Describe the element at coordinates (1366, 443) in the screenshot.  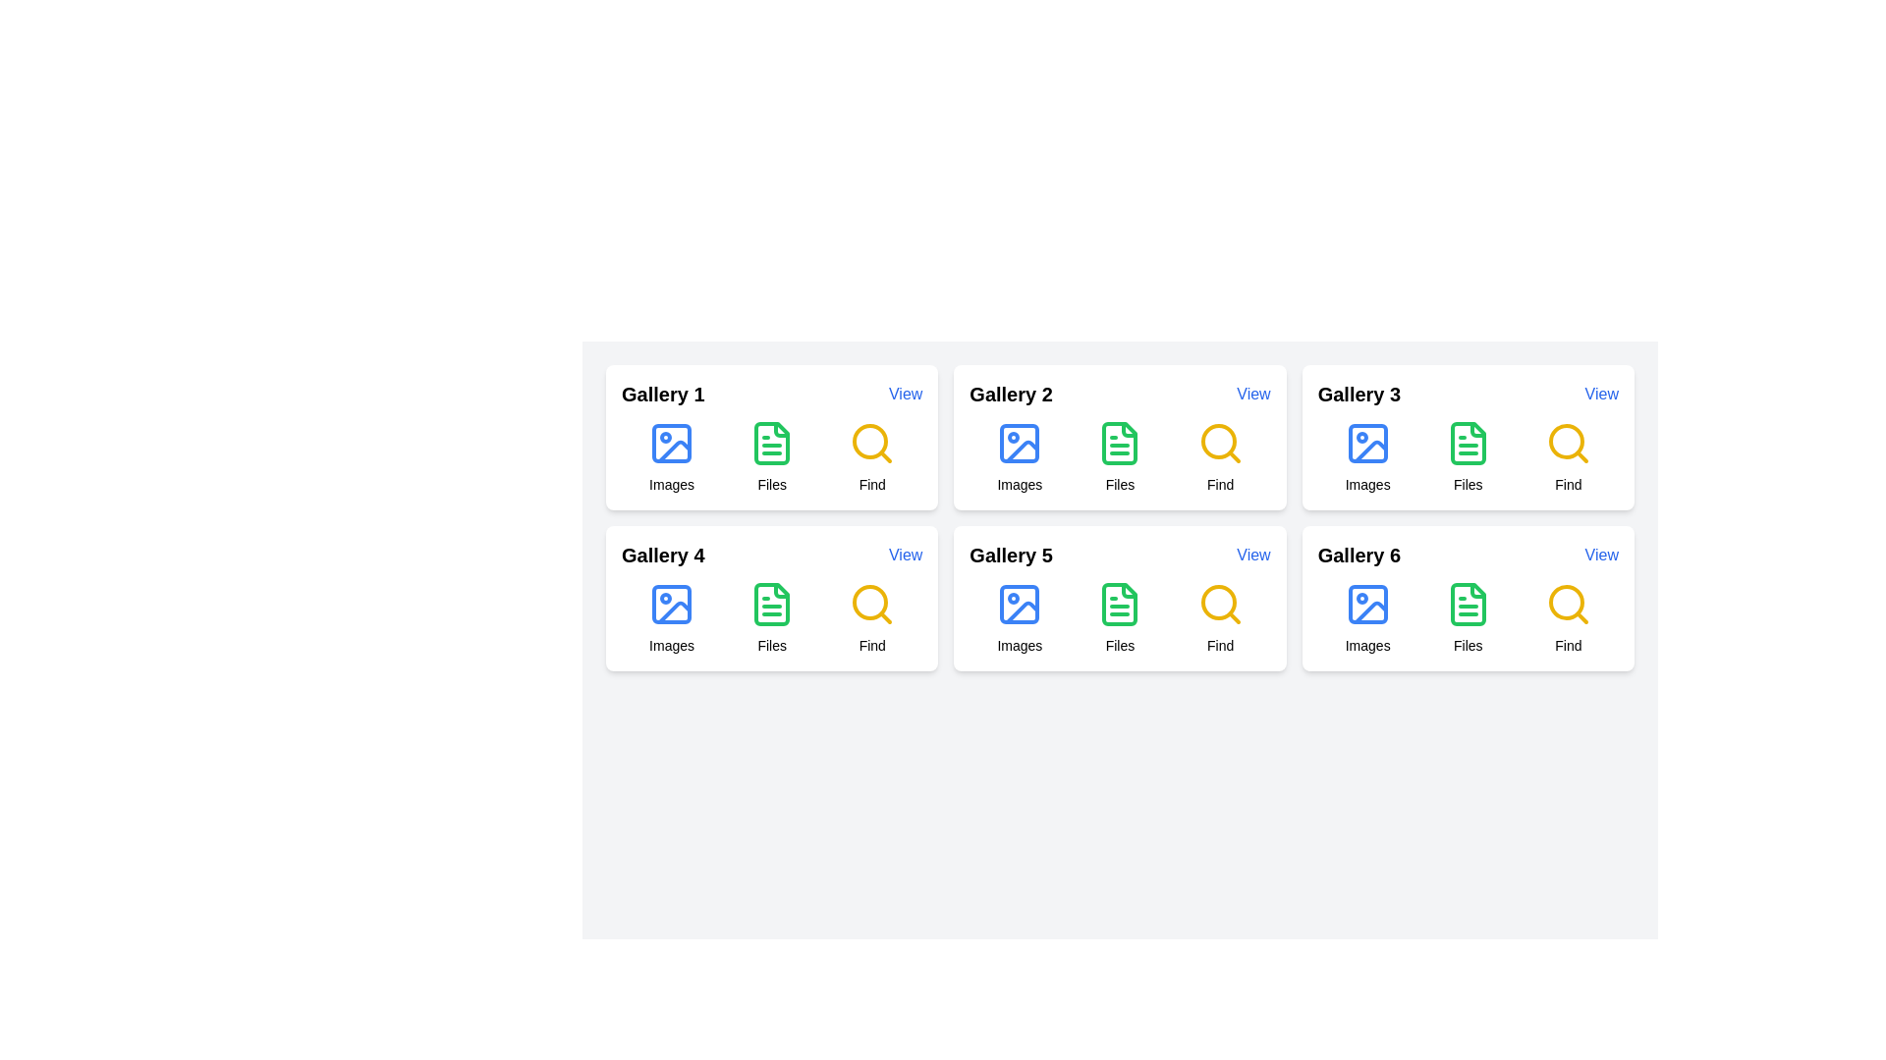
I see `the icon component located at the bottom-center of the 'Gallery 3' card, which is part of an image icon within an SVG group` at that location.